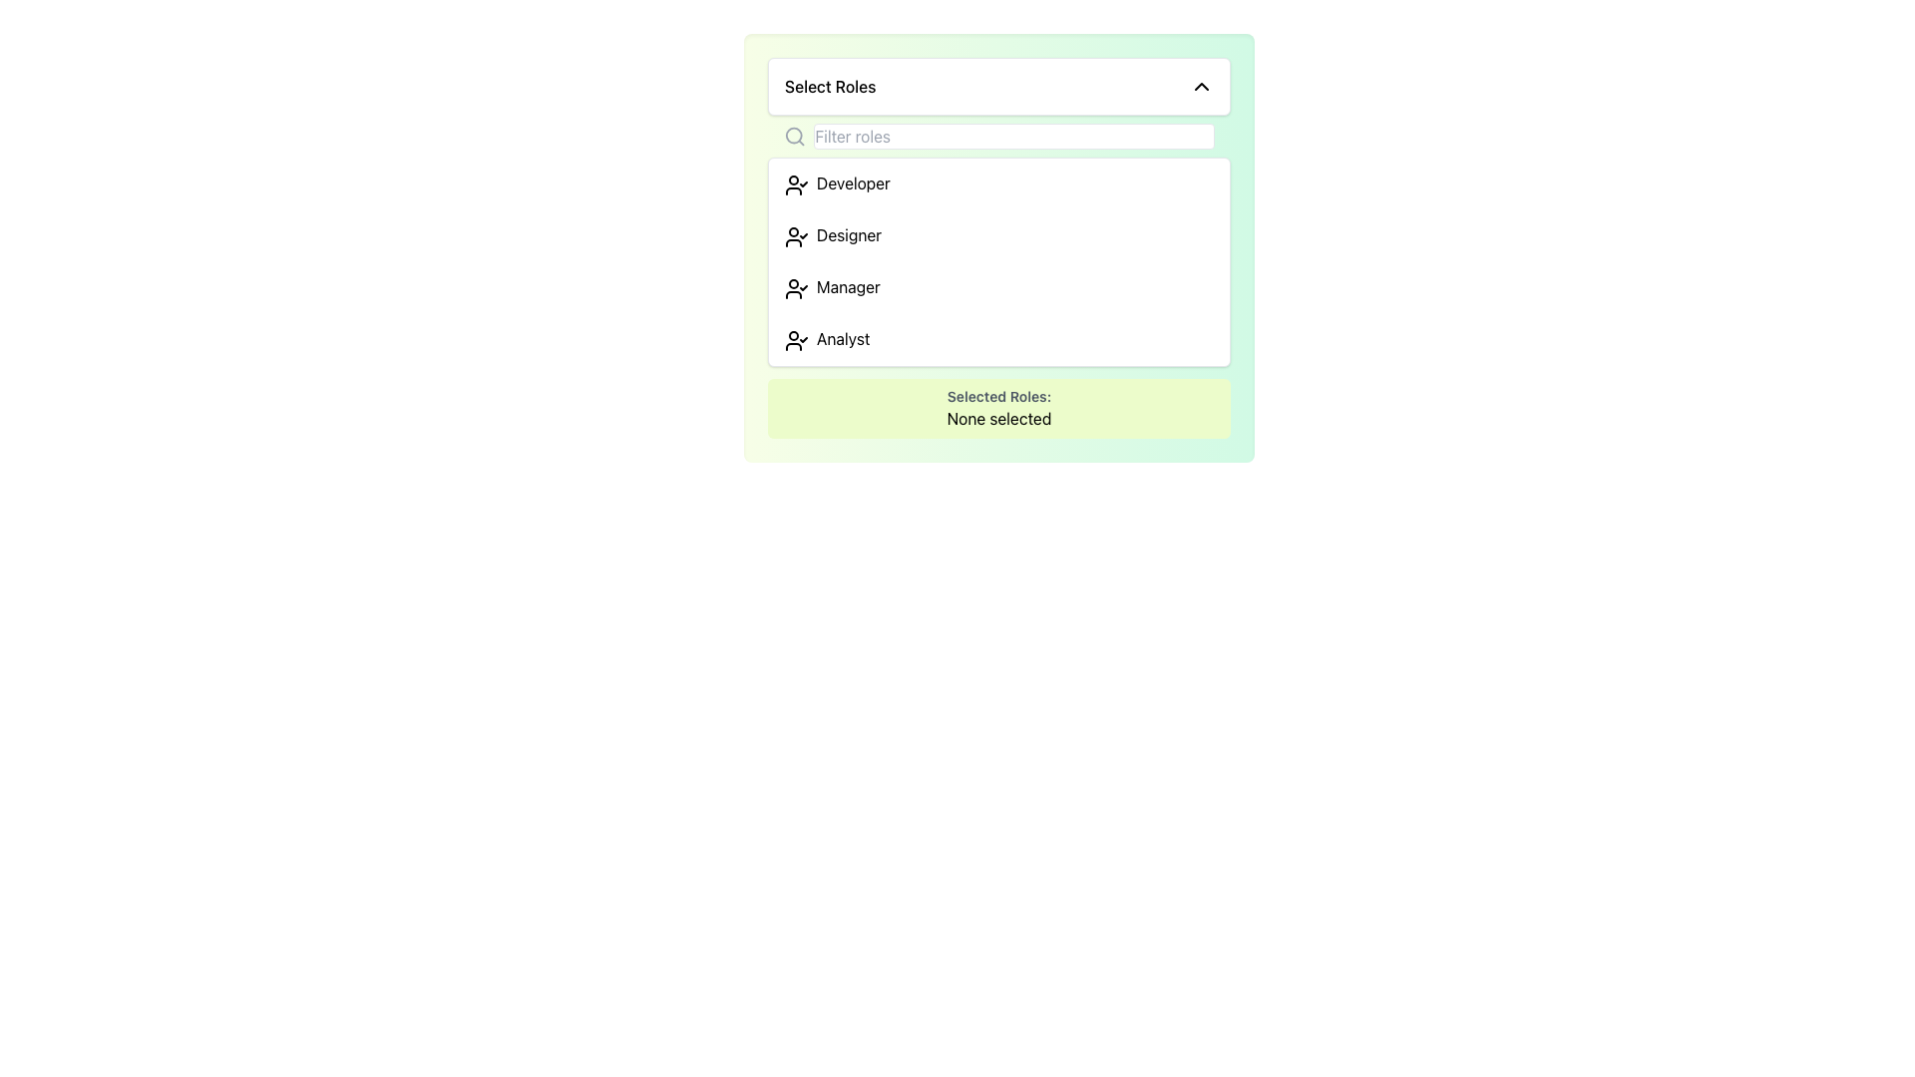  What do you see at coordinates (999, 338) in the screenshot?
I see `the fourth list item labeled 'Analyst' that contains an 'Add' button` at bounding box center [999, 338].